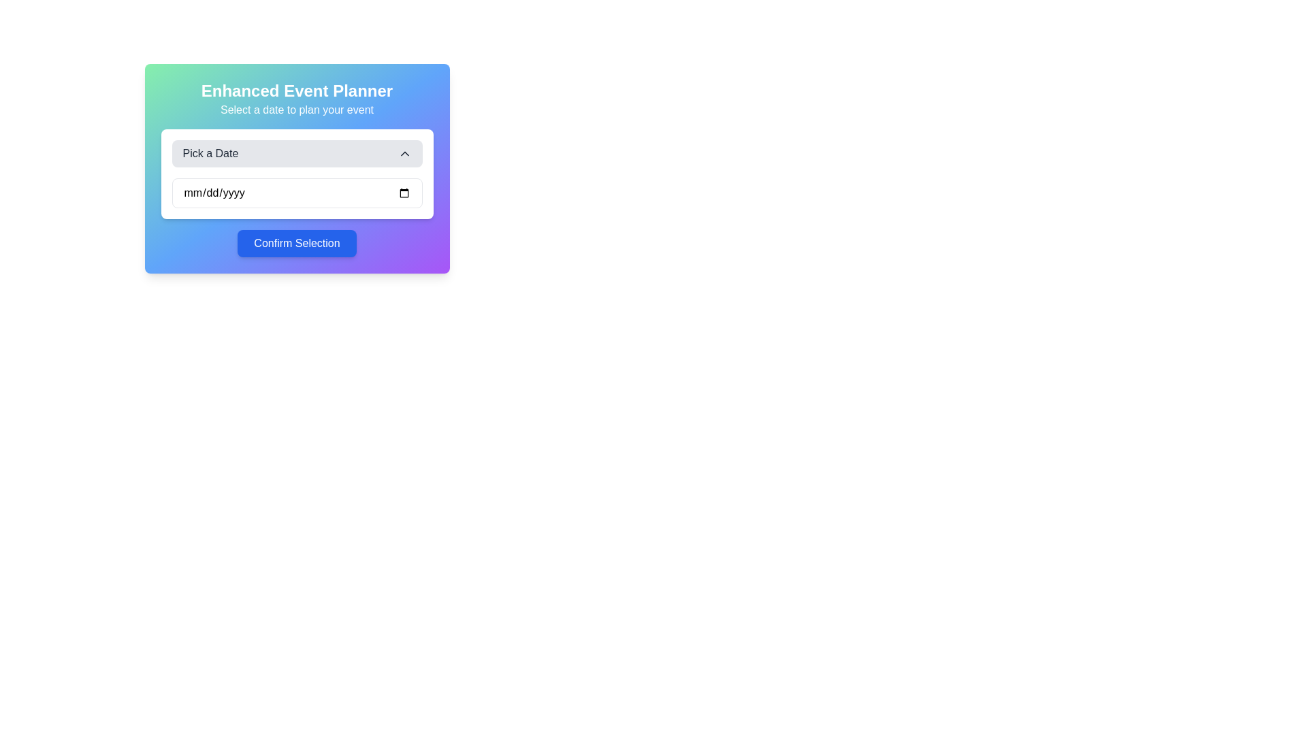 The height and width of the screenshot is (735, 1307). I want to click on the bold text label displaying 'Enhanced Event Planner', which is prominently positioned at the top of the date selection panel, so click(296, 91).